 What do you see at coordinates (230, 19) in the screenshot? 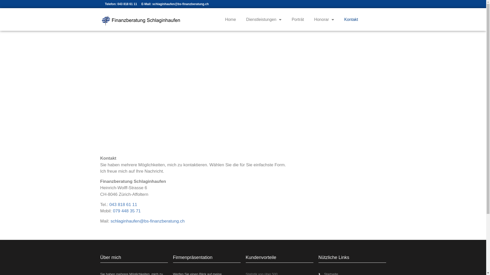
I see `'Home'` at bounding box center [230, 19].